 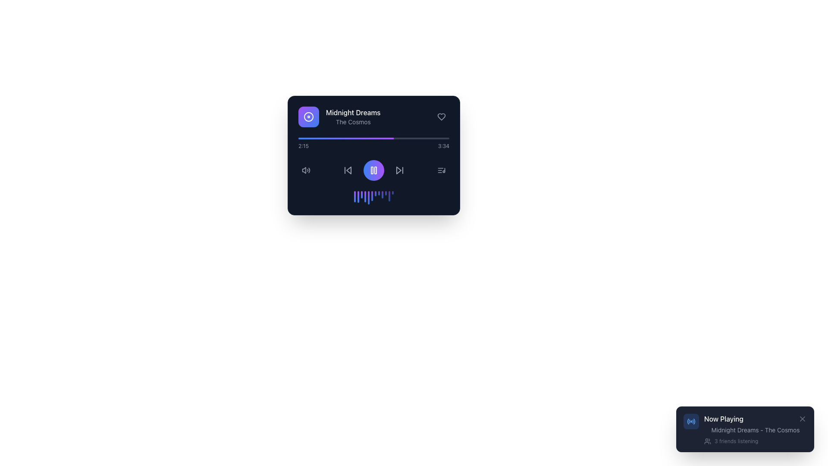 I want to click on the ninth animated vertical bar in the equalizer visualization, which indicates dynamic sound levels for ongoing audio playback, so click(x=382, y=195).